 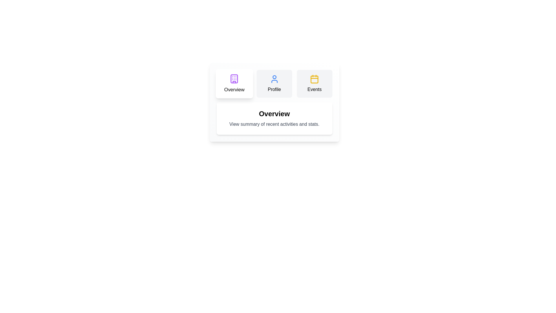 I want to click on the content displayed in the active tab area, so click(x=274, y=118).